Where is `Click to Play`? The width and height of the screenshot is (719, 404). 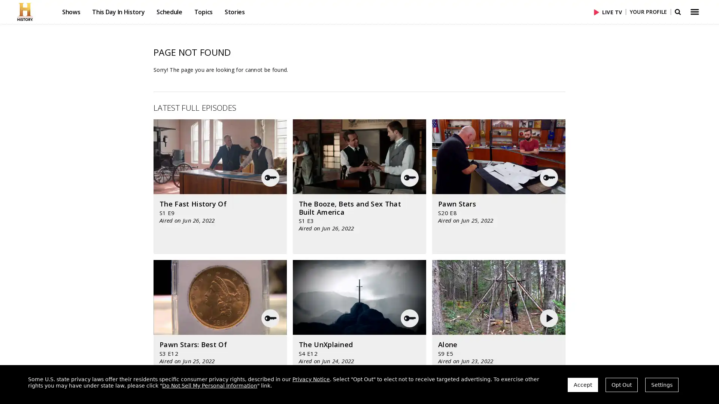
Click to Play is located at coordinates (597, 12).